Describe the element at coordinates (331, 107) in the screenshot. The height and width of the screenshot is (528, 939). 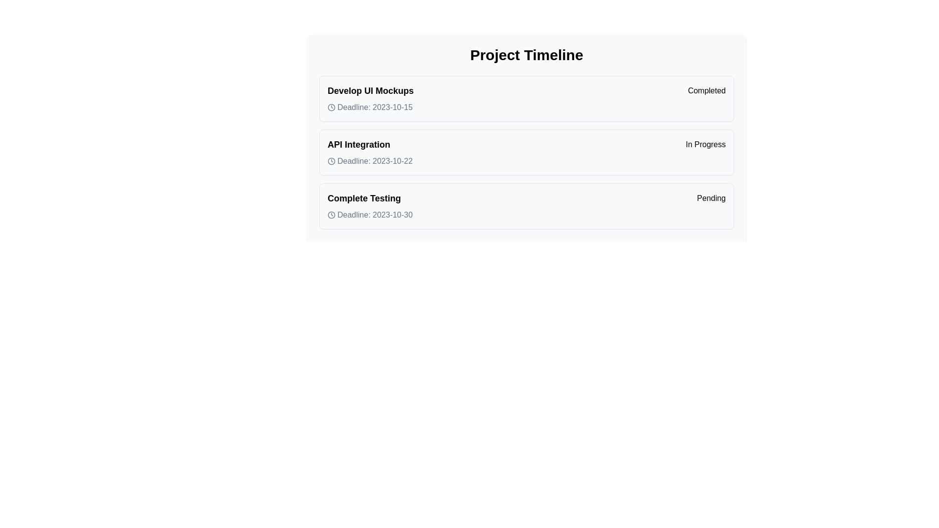
I see `the small clock icon located next to the text 'Deadline: 2023-10-15' in the 'Develop UI Mockups' row under 'Project Timeline'` at that location.